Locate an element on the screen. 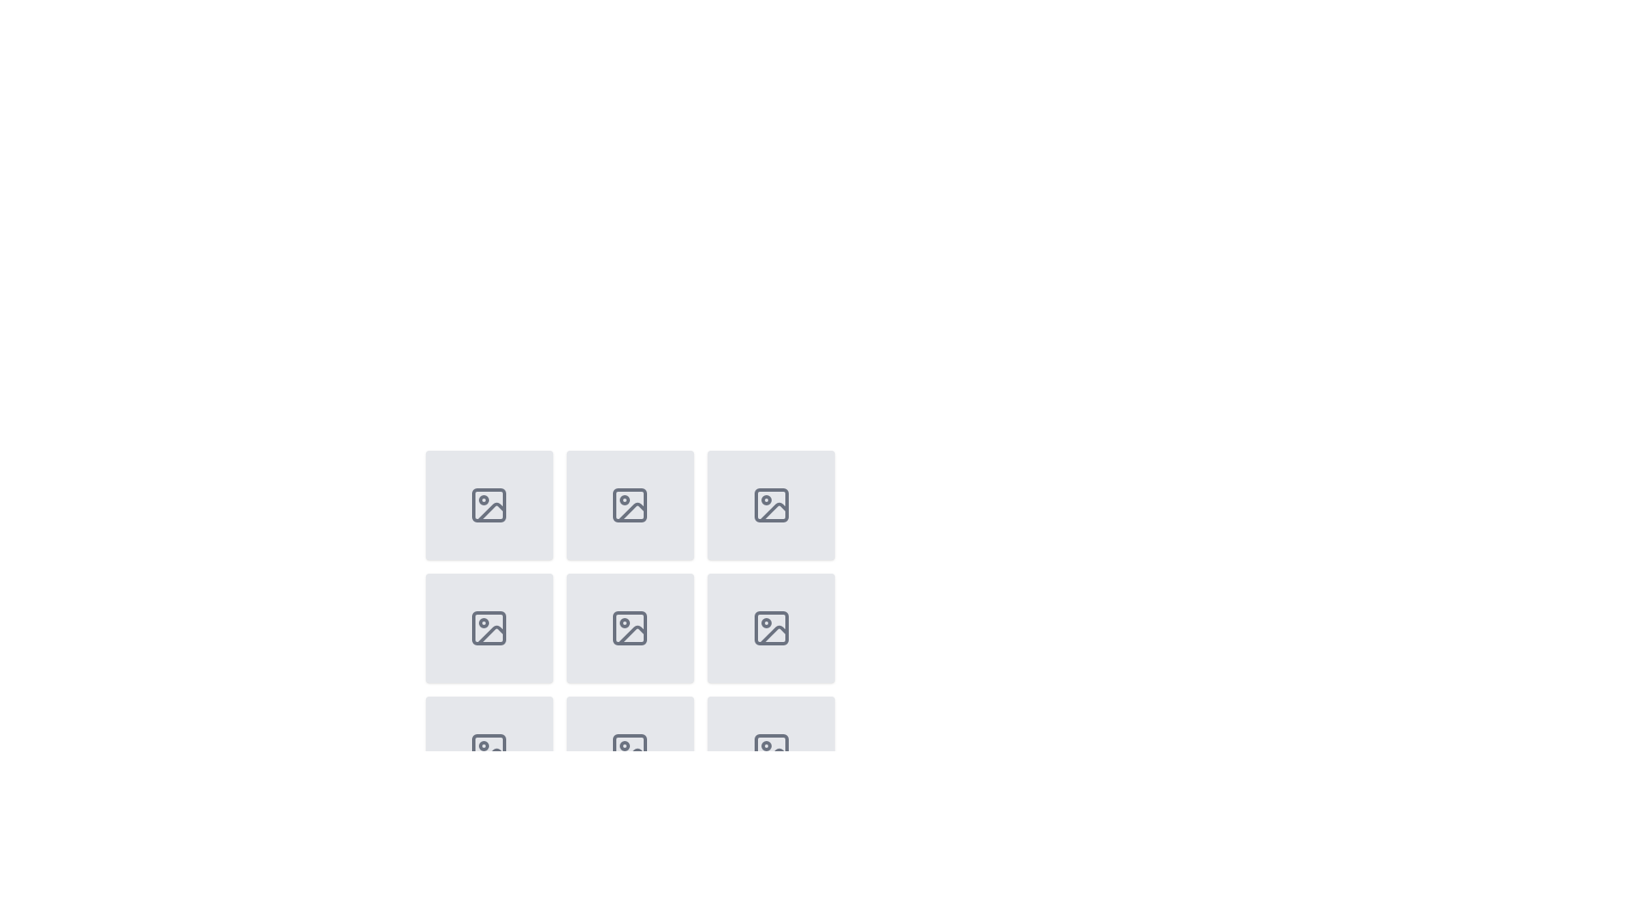 This screenshot has width=1639, height=922. the Placeholder icon for image content located in the bottom-center cell of a 3x3 grid is located at coordinates (629, 750).